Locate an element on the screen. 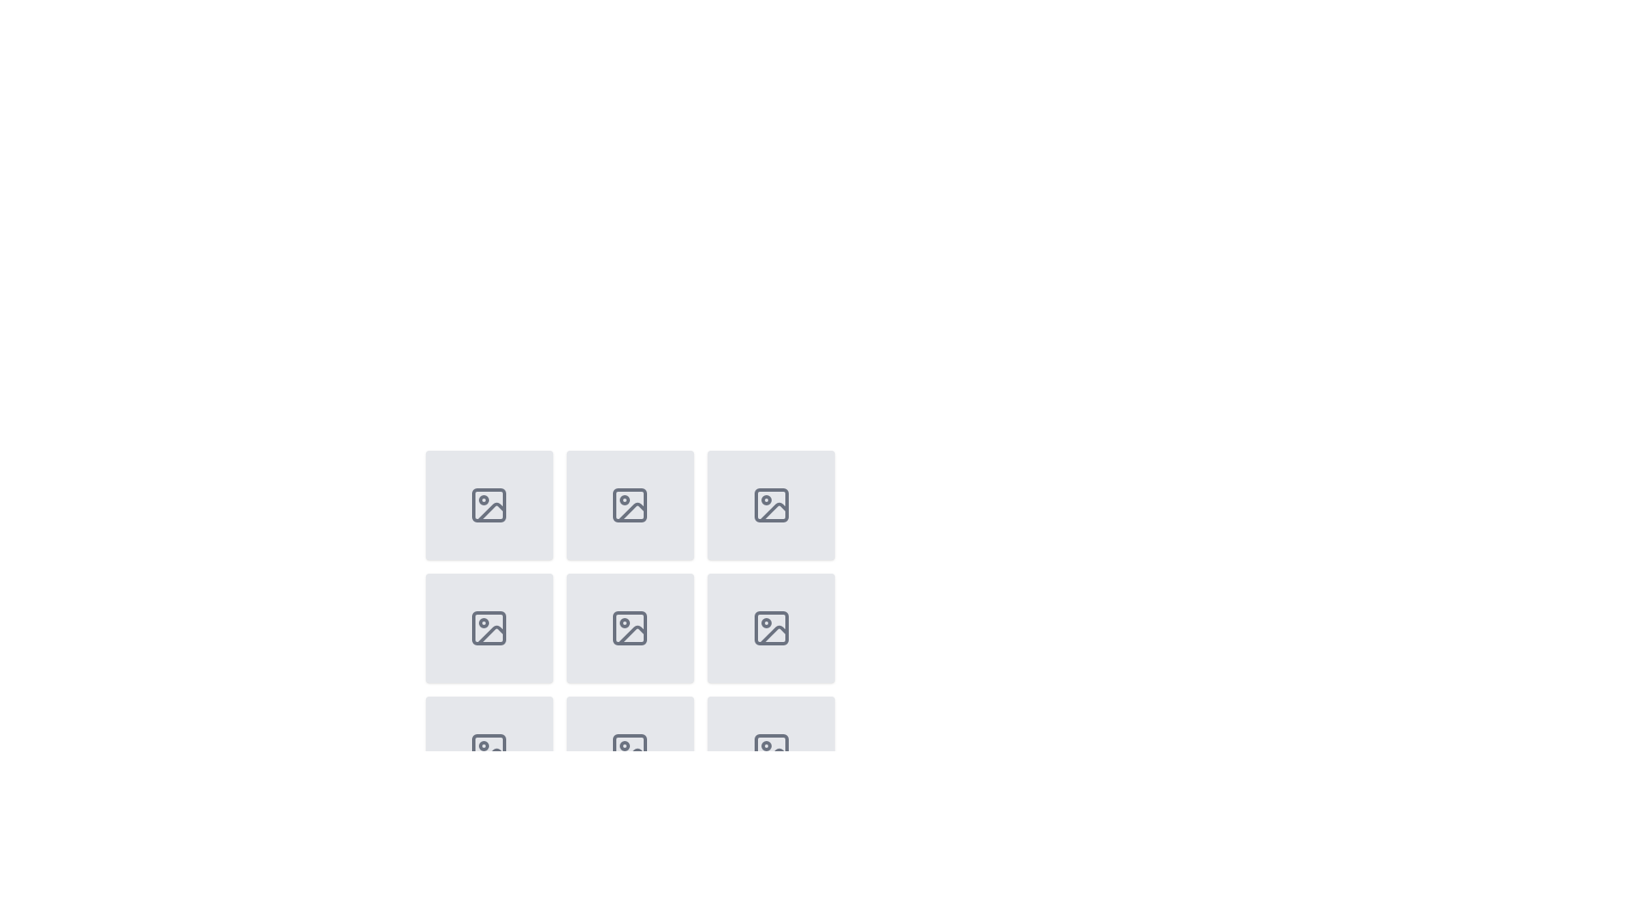 This screenshot has width=1639, height=922. the Placeholder icon for image content located in the bottom-center cell of a 3x3 grid is located at coordinates (629, 750).